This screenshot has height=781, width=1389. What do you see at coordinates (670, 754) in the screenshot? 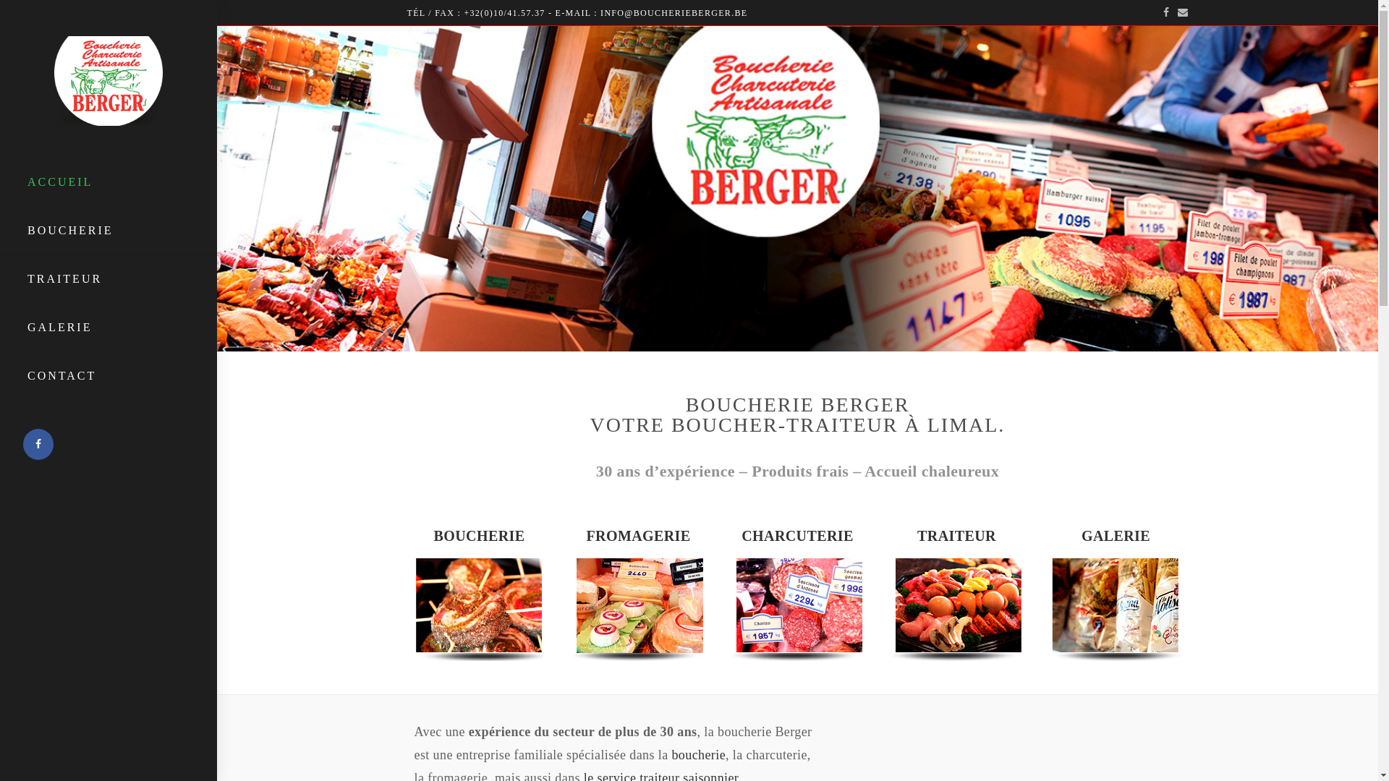
I see `'boucherie'` at bounding box center [670, 754].